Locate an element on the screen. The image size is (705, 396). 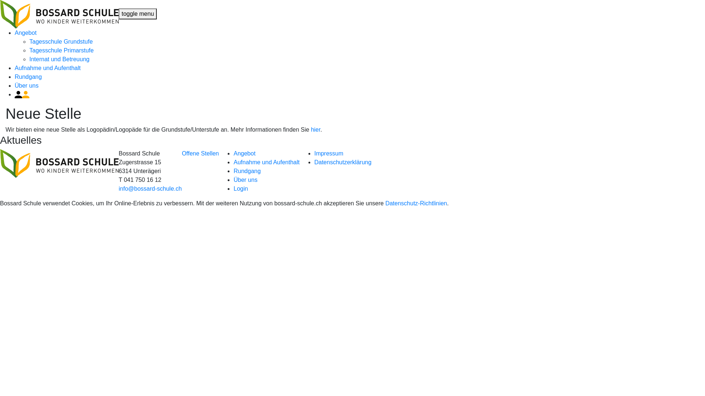
'Aufnahme und Aufenthalt' is located at coordinates (266, 162).